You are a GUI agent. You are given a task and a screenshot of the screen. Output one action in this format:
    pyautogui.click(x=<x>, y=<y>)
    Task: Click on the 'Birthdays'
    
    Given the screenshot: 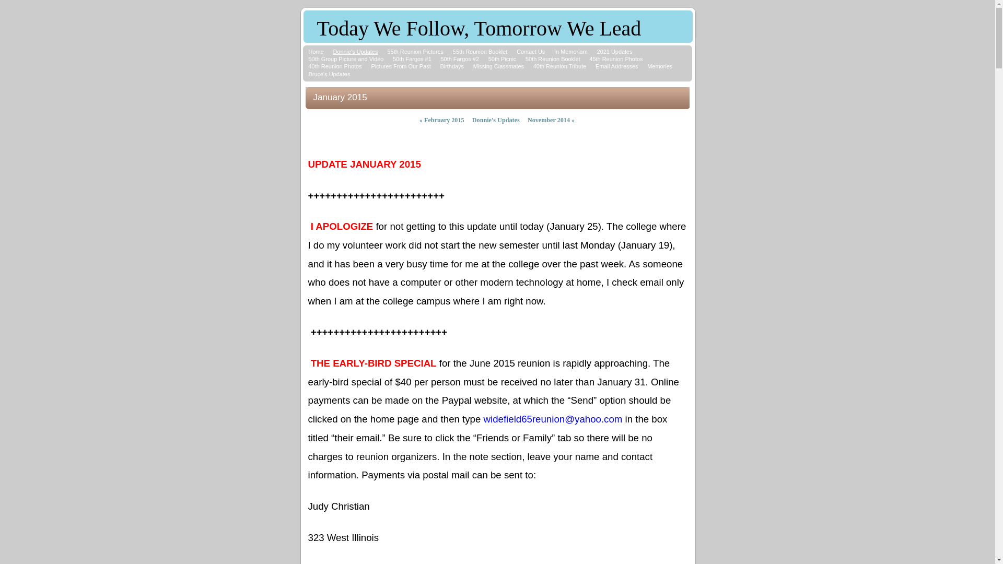 What is the action you would take?
    pyautogui.click(x=451, y=66)
    